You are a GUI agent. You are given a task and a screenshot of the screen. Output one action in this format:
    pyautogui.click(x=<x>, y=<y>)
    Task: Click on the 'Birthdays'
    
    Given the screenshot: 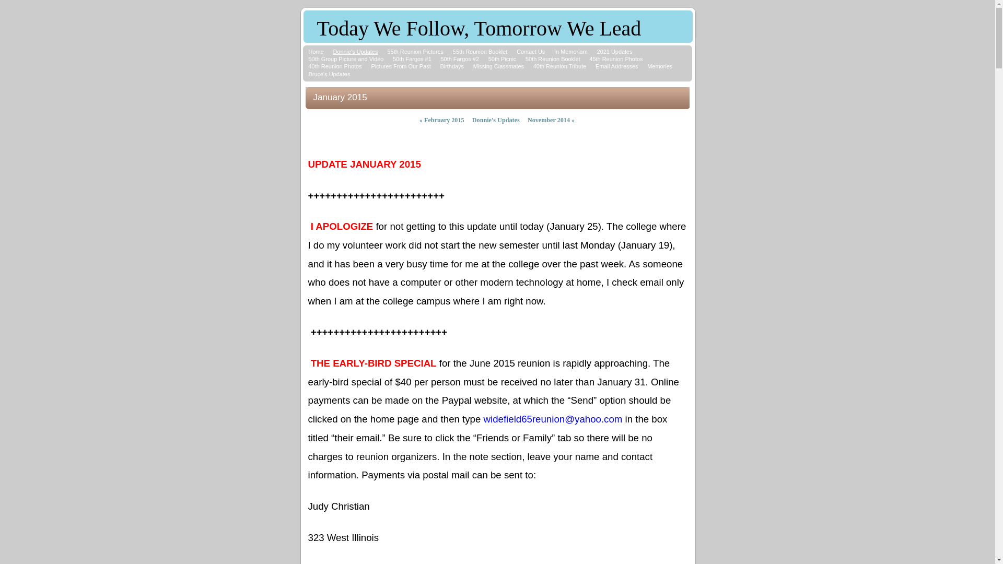 What is the action you would take?
    pyautogui.click(x=451, y=66)
    